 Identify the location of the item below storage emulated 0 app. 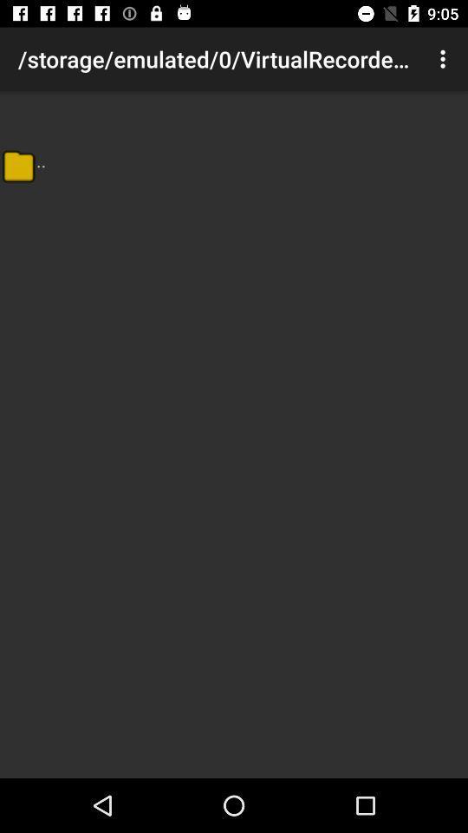
(41, 160).